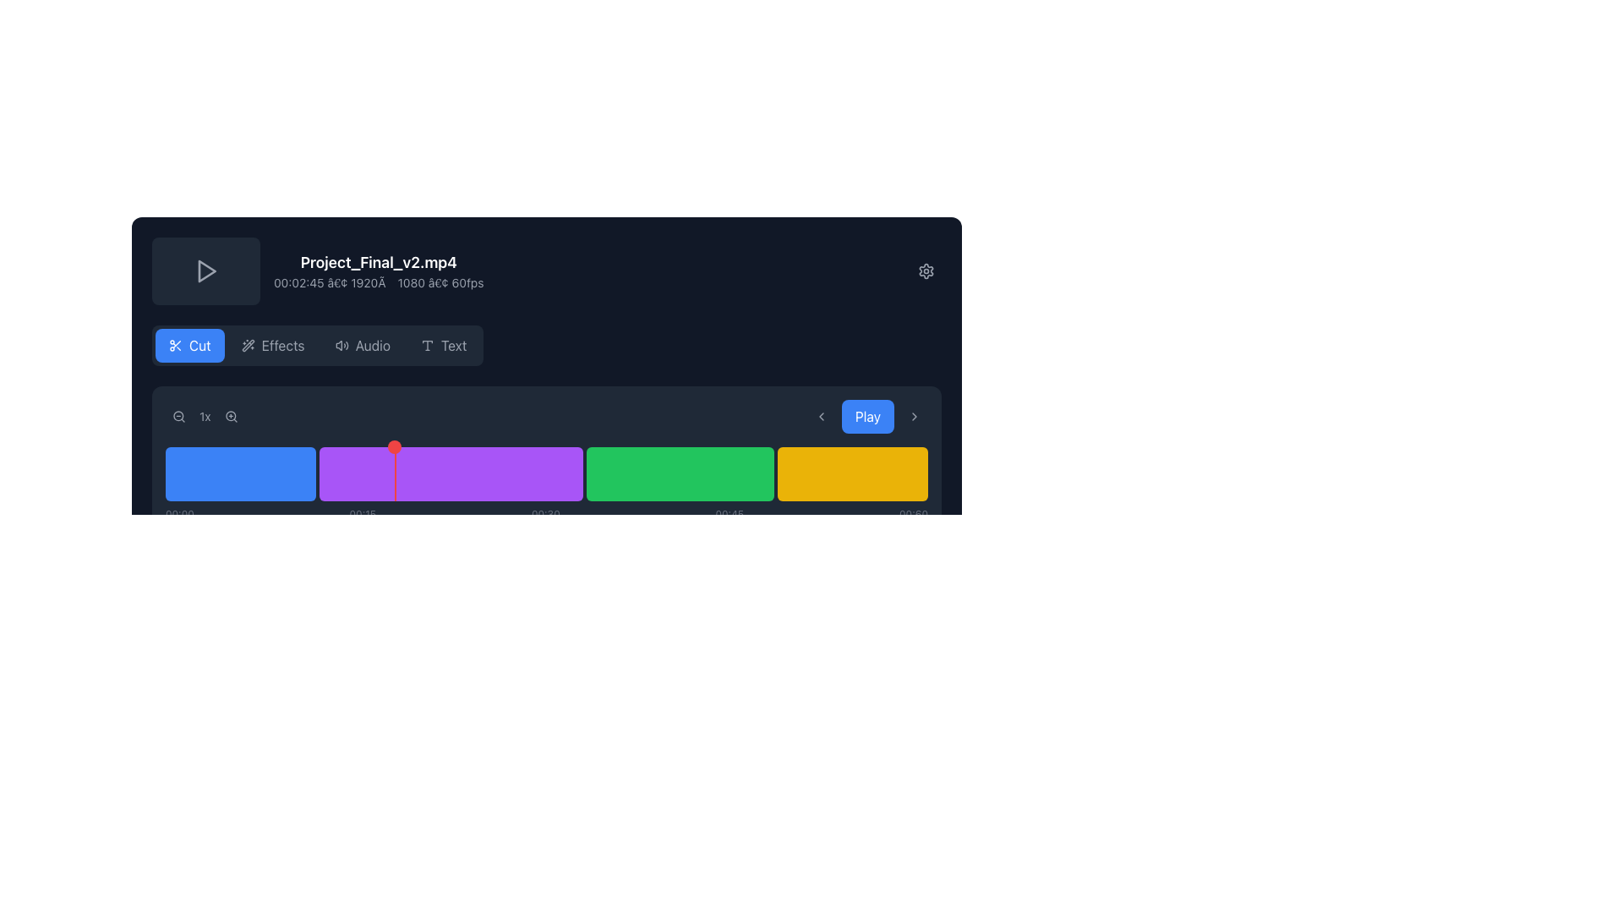 This screenshot has width=1623, height=913. What do you see at coordinates (239, 473) in the screenshot?
I see `the leftmost blue rectangular block in the timeline` at bounding box center [239, 473].